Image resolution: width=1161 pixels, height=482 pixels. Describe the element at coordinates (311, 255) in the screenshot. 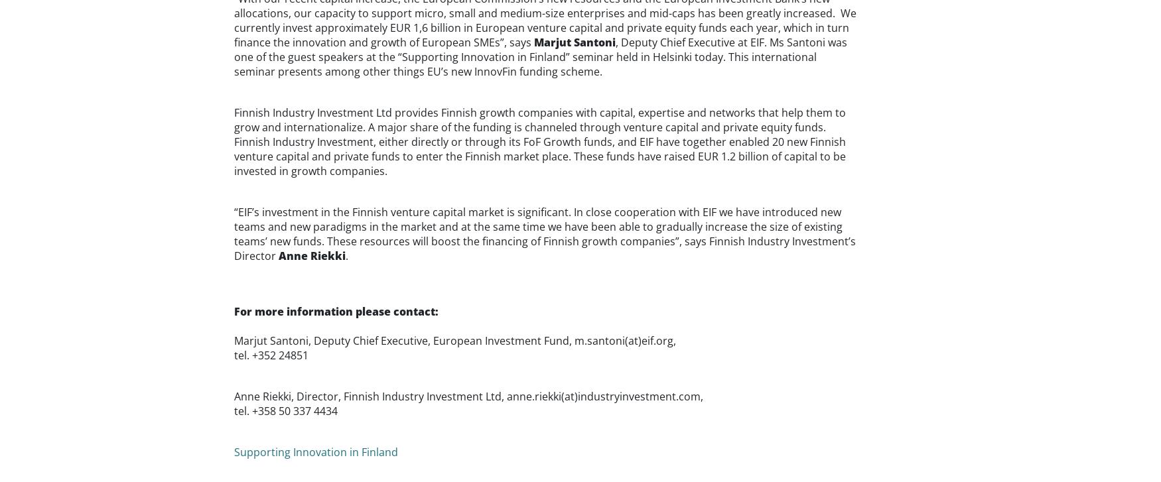

I see `'Anne Riekki'` at that location.